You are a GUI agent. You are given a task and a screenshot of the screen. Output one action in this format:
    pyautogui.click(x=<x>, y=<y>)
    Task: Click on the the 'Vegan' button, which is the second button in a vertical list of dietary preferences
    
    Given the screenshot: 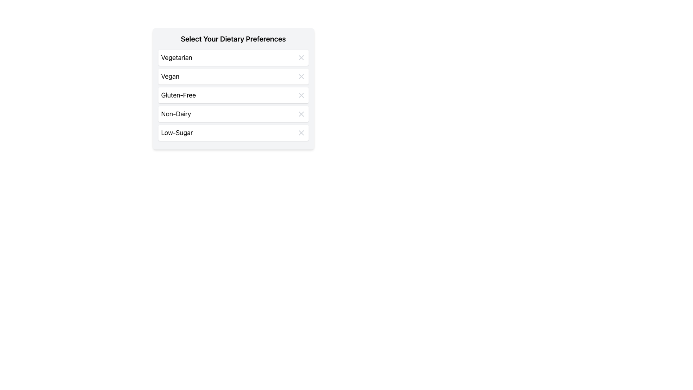 What is the action you would take?
    pyautogui.click(x=233, y=77)
    